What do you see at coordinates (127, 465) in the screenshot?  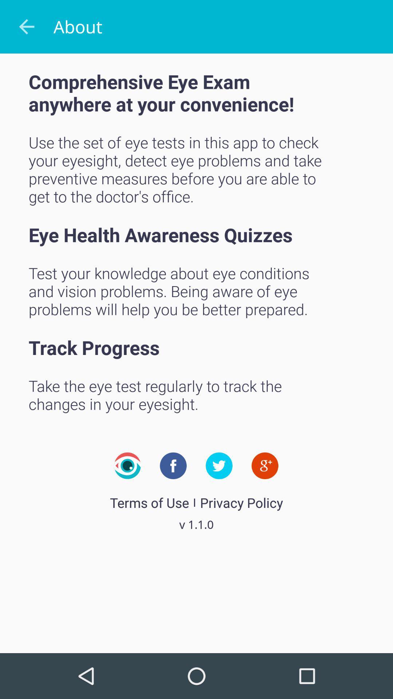 I see `the visibility icon` at bounding box center [127, 465].